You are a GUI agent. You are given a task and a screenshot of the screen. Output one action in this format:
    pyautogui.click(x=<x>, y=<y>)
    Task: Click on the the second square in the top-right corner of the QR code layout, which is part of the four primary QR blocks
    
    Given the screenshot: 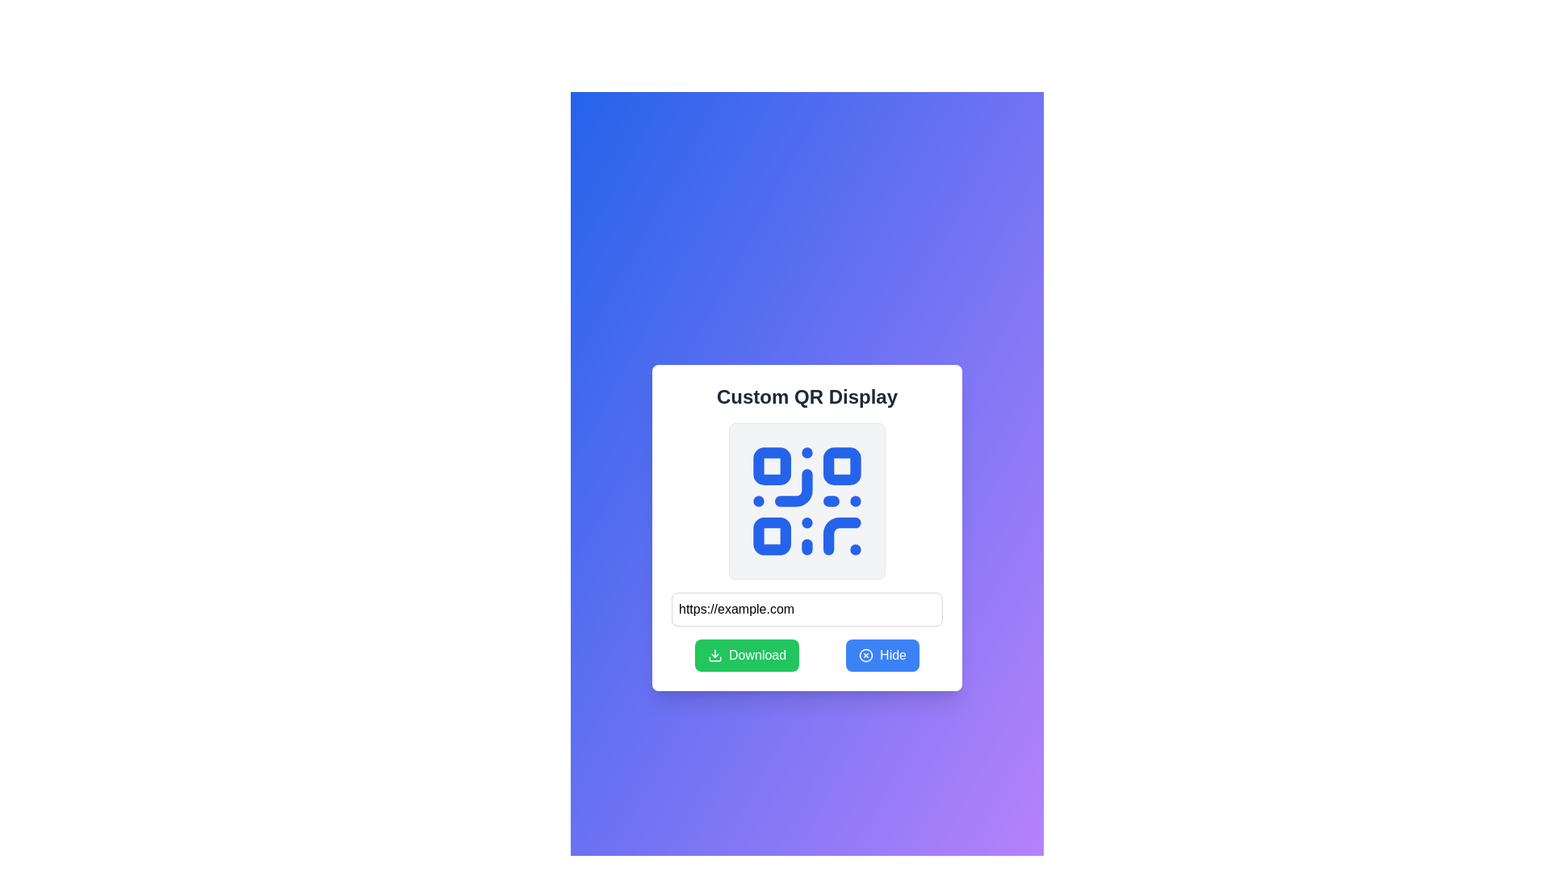 What is the action you would take?
    pyautogui.click(x=841, y=466)
    